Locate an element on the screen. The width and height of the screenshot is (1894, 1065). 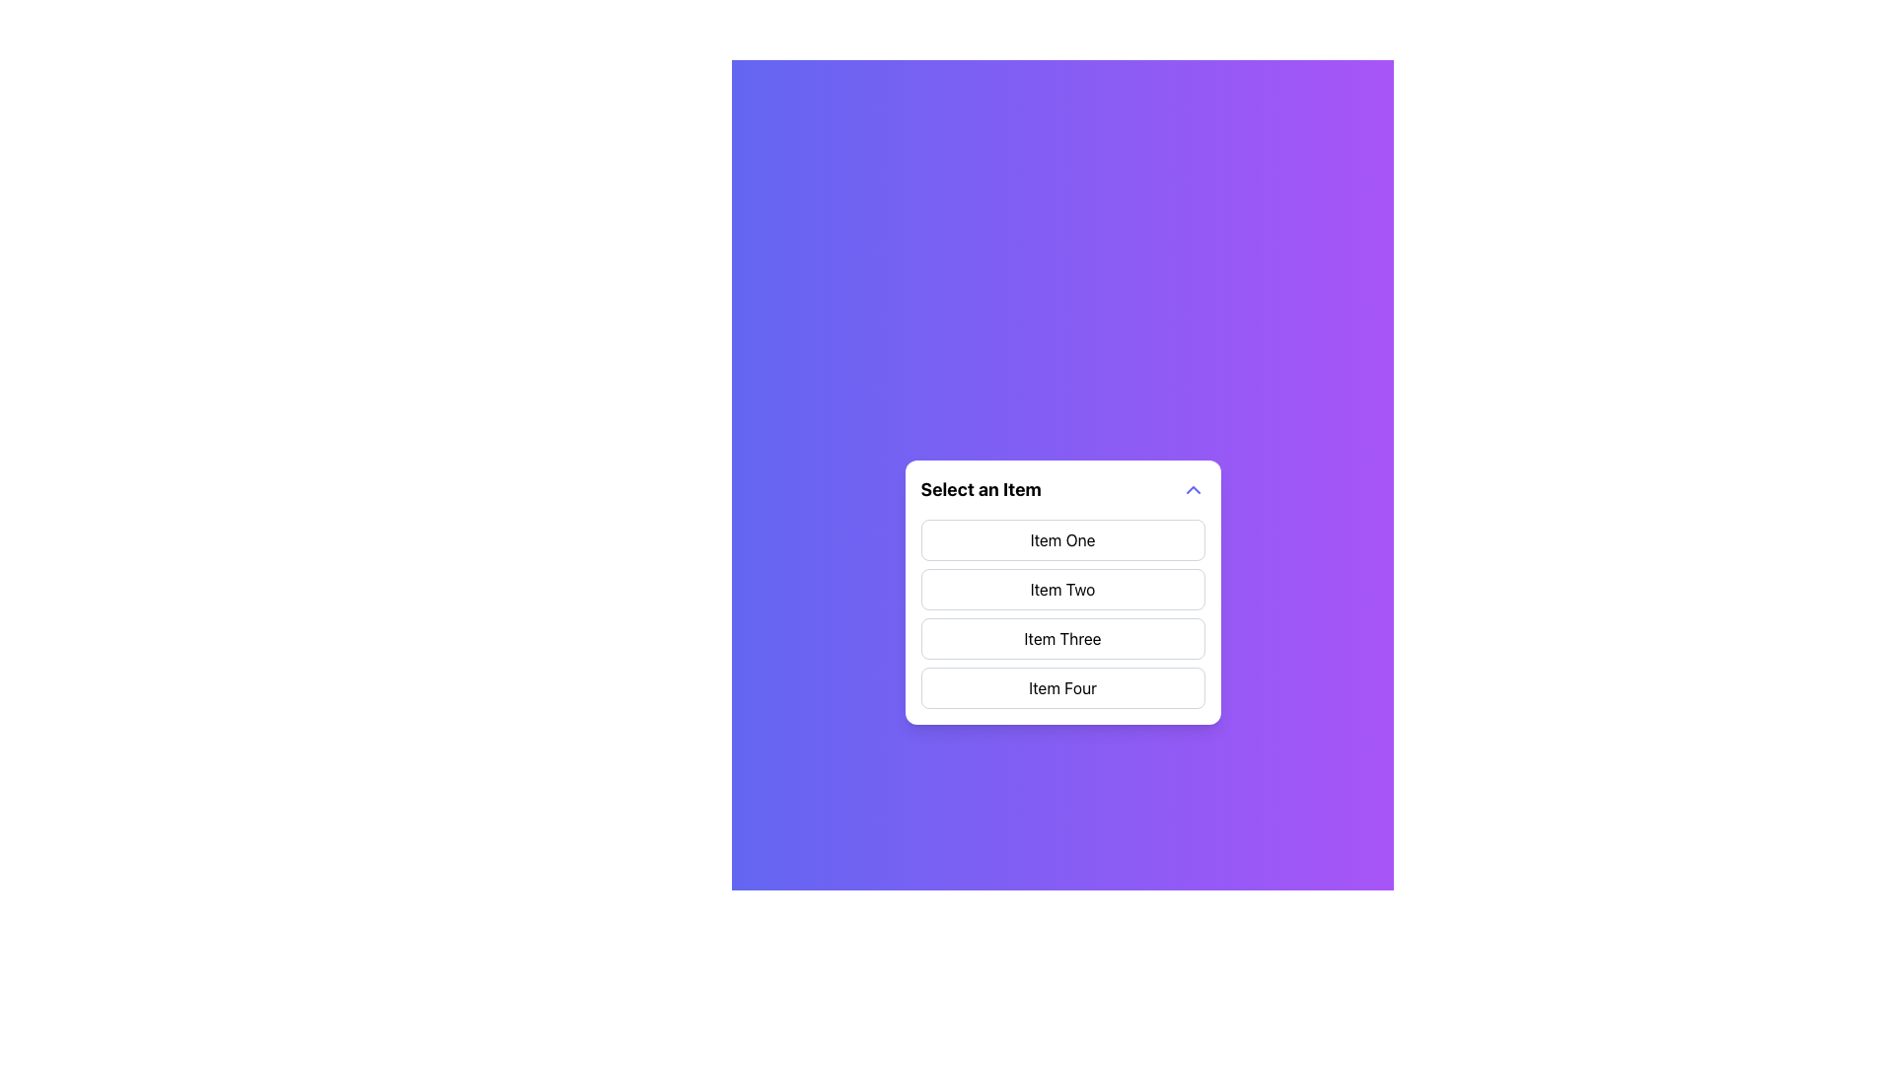
the mouse across the options in the Dropdown Menu labeled 'Item One', 'Item Two', 'Item Three', and 'Item Four' is located at coordinates (1061, 592).